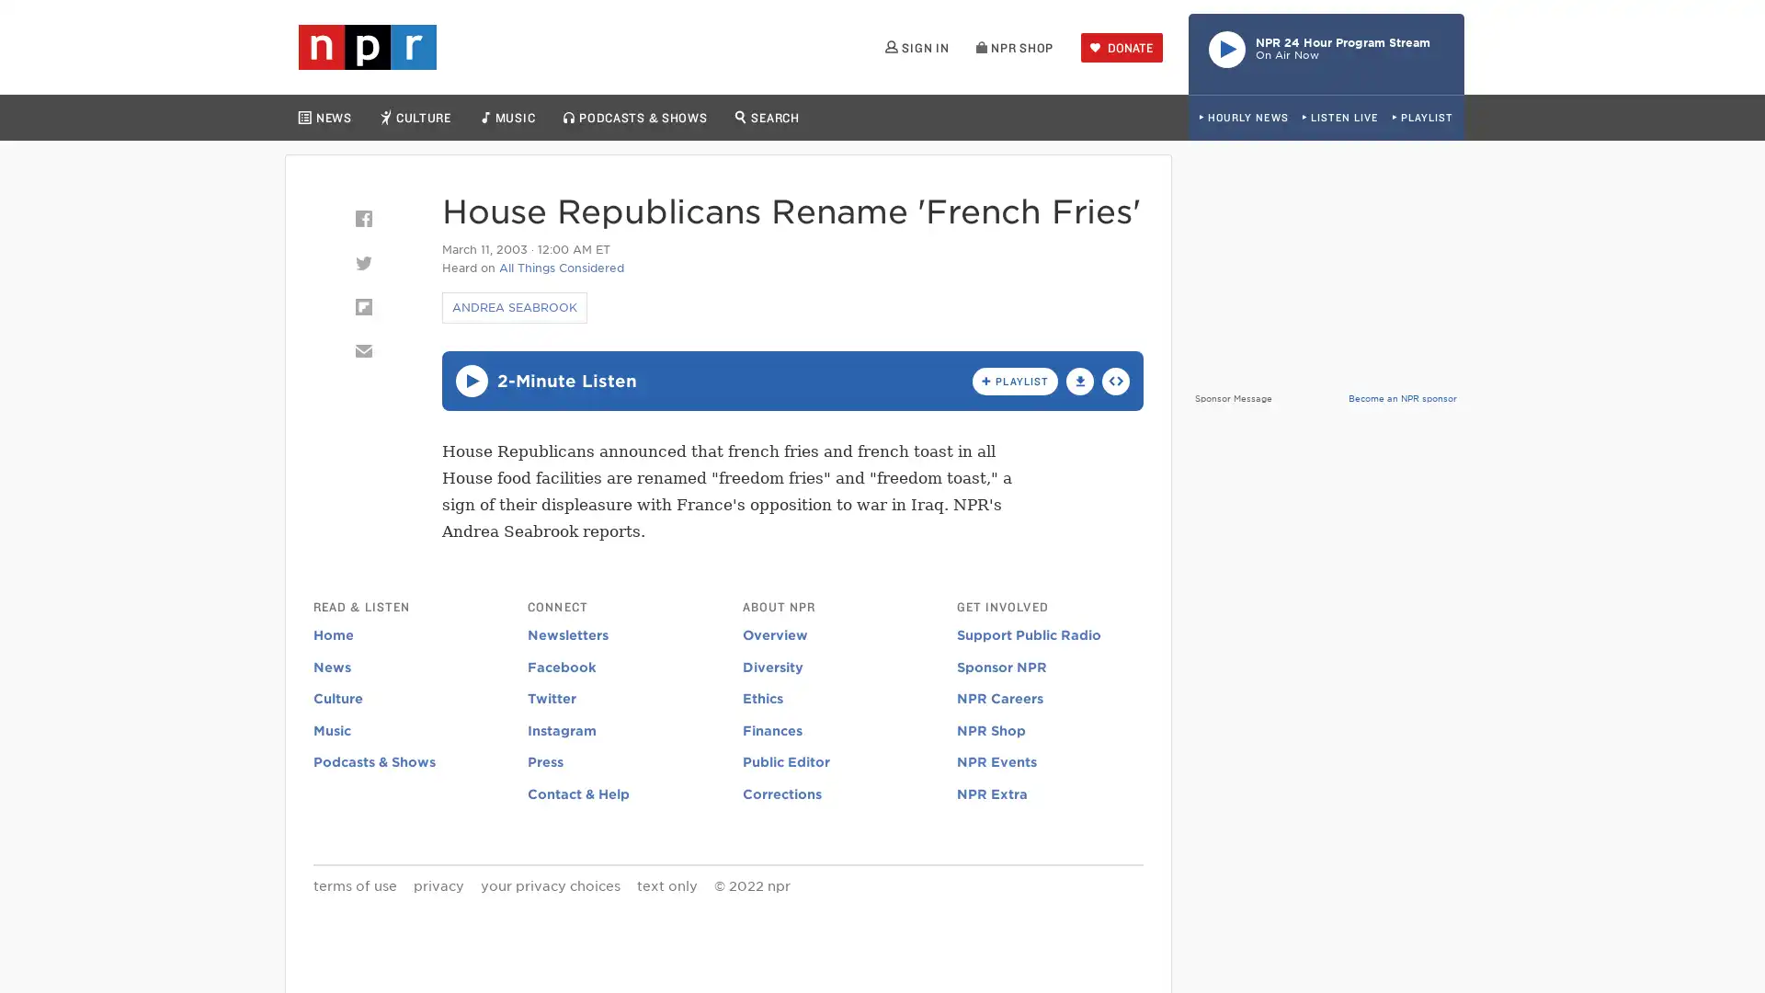  Describe the element at coordinates (1115, 379) in the screenshot. I see `Embed` at that location.